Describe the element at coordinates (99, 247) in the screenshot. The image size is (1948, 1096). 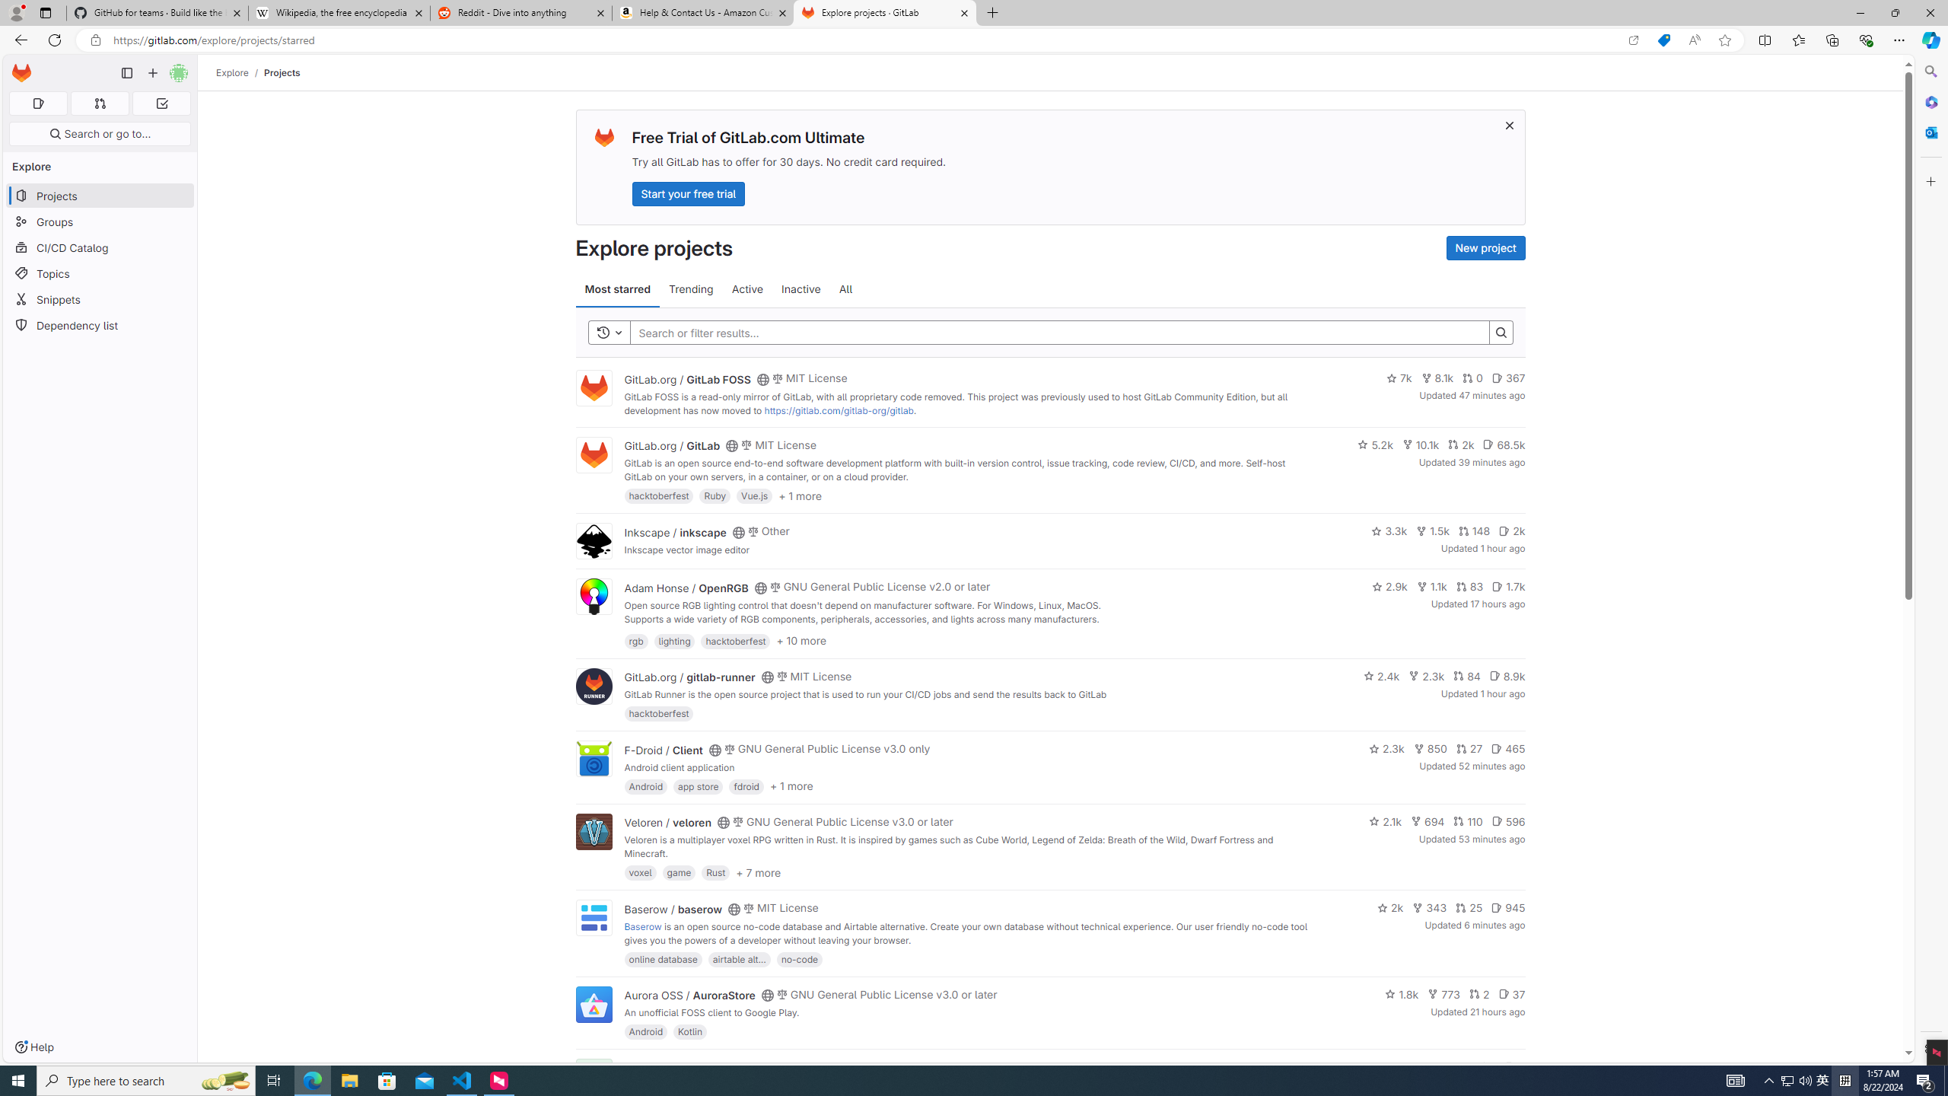
I see `'CI/CD Catalog'` at that location.